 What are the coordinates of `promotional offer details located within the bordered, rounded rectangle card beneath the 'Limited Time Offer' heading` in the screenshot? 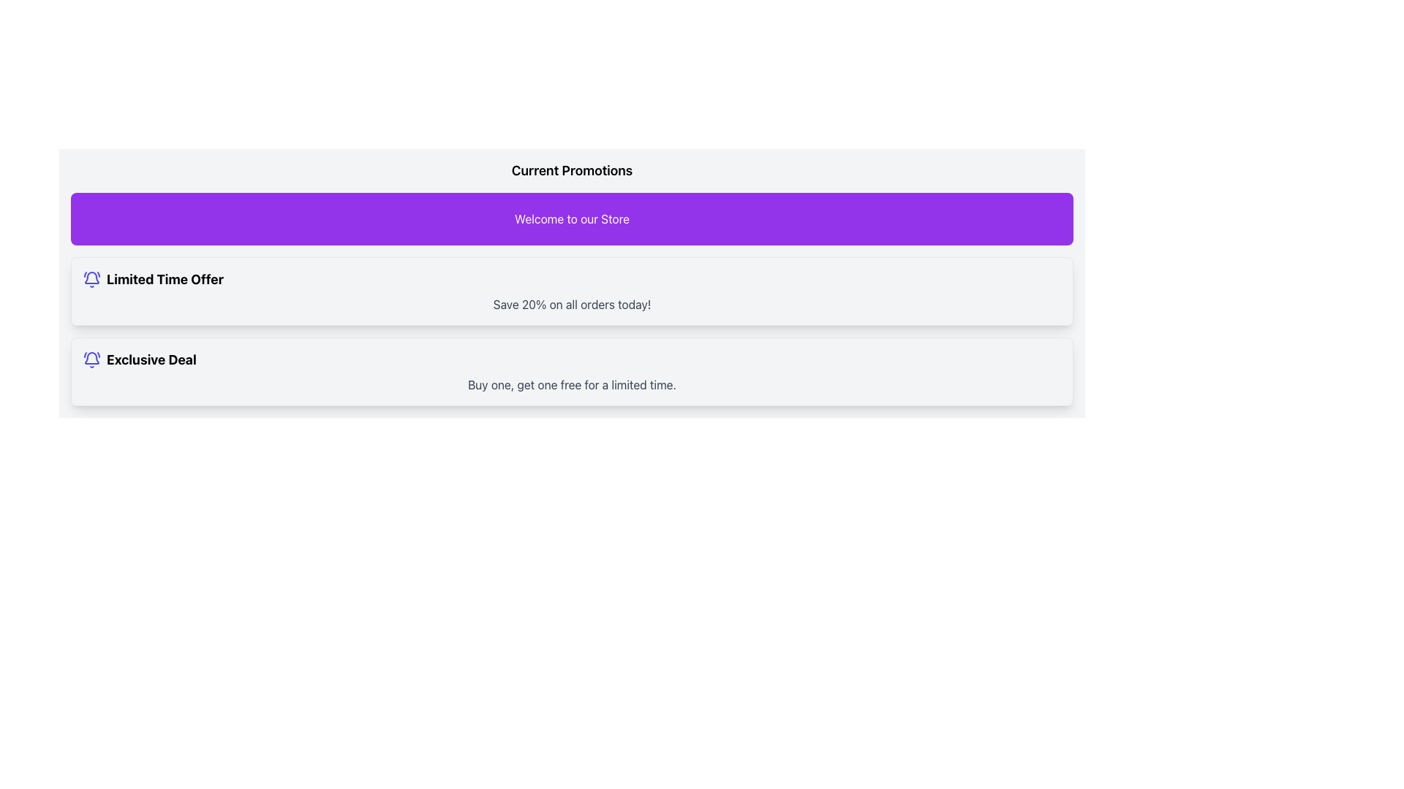 It's located at (571, 303).